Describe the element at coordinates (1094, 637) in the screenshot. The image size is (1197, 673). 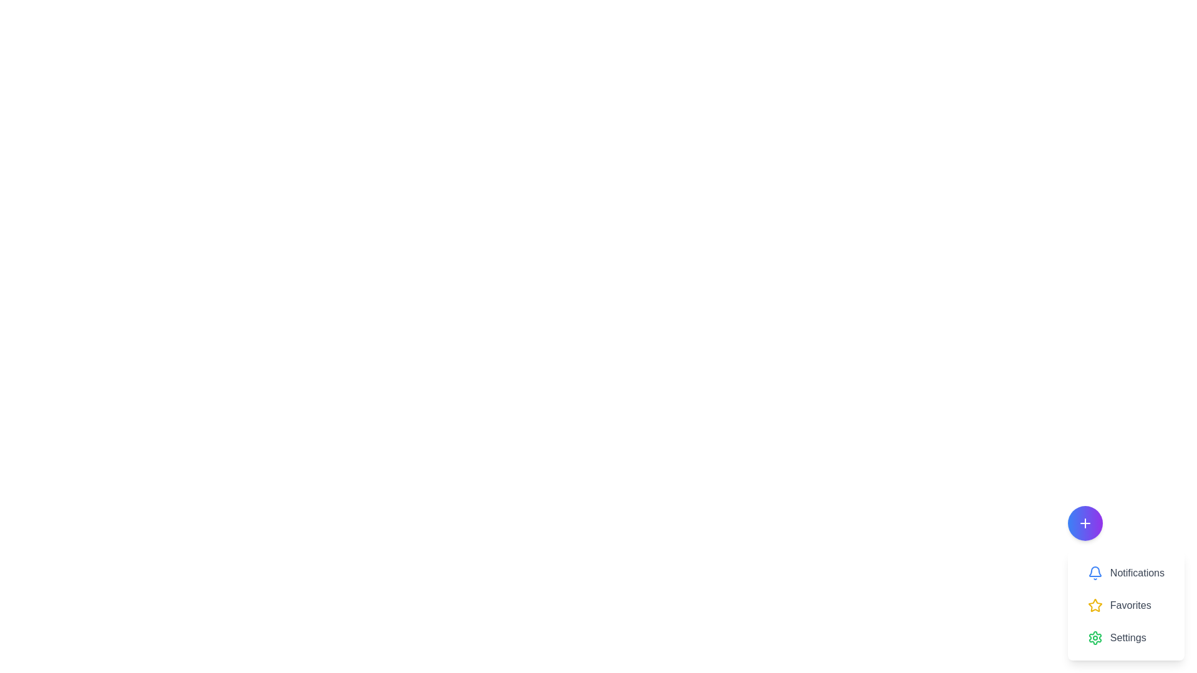
I see `the green gear-shaped icon located next to the 'Settings' text label` at that location.